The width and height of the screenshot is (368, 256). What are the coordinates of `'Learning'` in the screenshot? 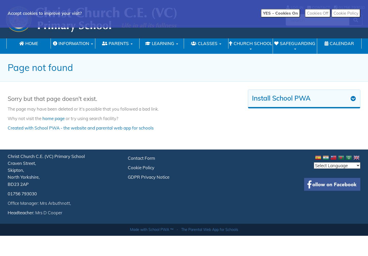 It's located at (163, 43).